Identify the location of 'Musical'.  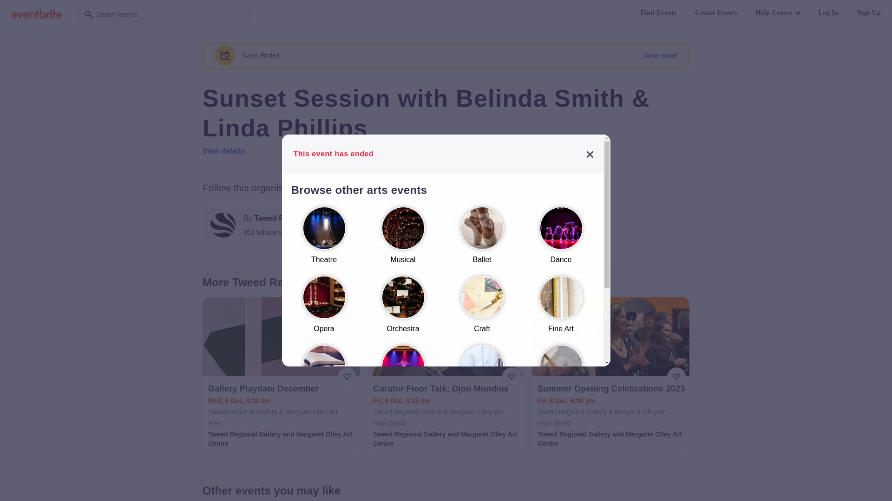
(403, 239).